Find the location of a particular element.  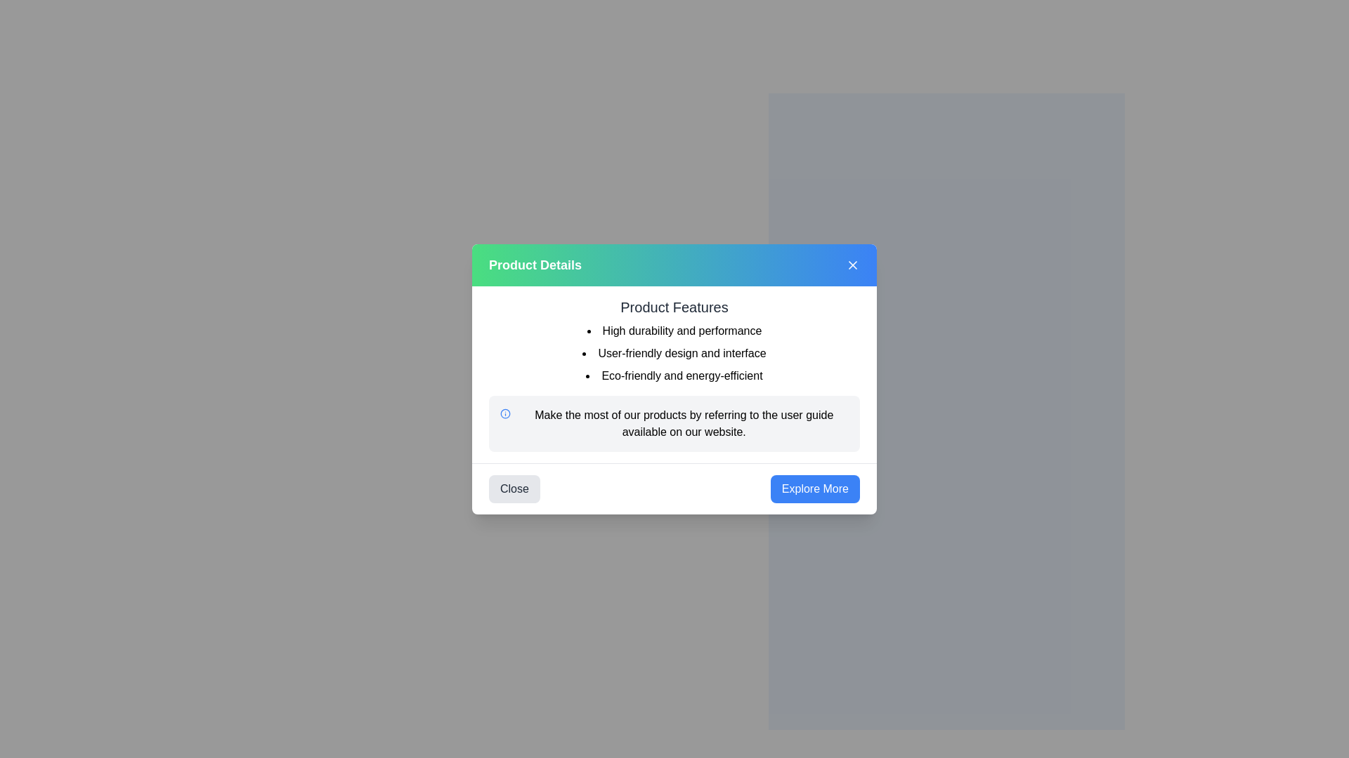

the text element reading 'High durability and performance' which is the topmost bullet point under the heading 'Product Features' in the modal dialog box is located at coordinates (674, 331).